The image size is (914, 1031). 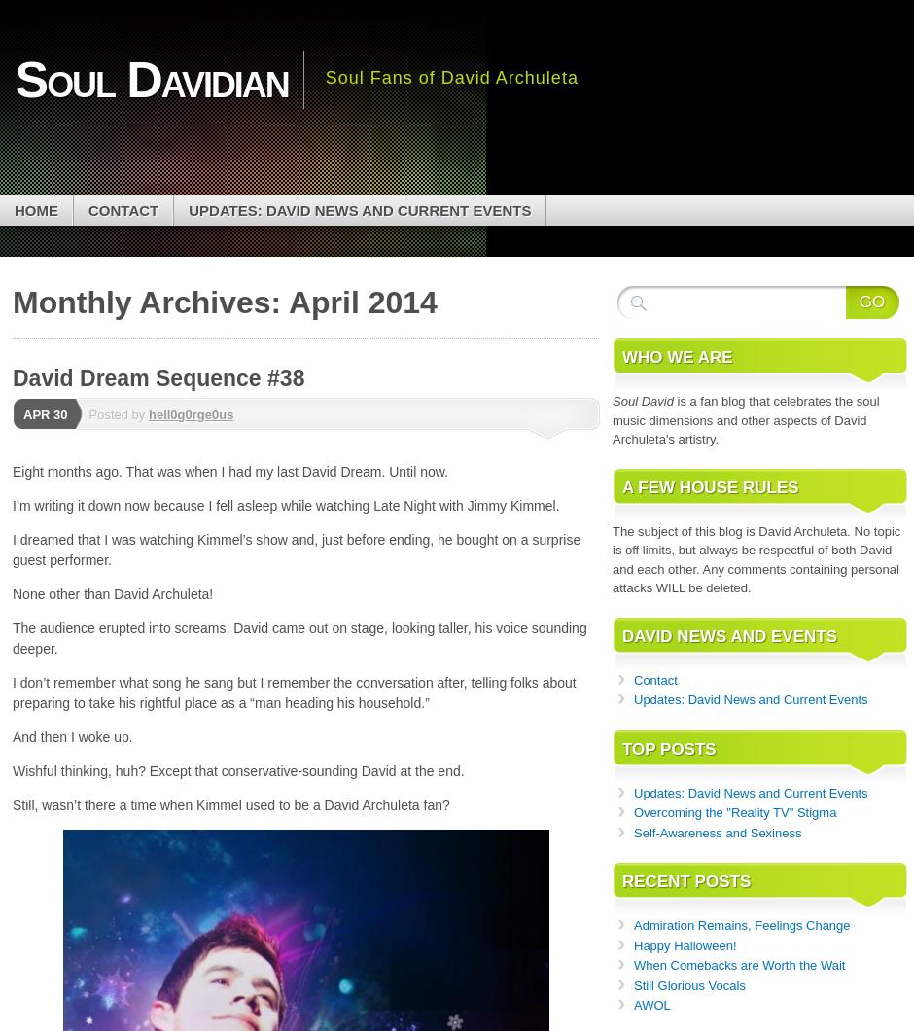 What do you see at coordinates (22, 413) in the screenshot?
I see `'Apr 30'` at bounding box center [22, 413].